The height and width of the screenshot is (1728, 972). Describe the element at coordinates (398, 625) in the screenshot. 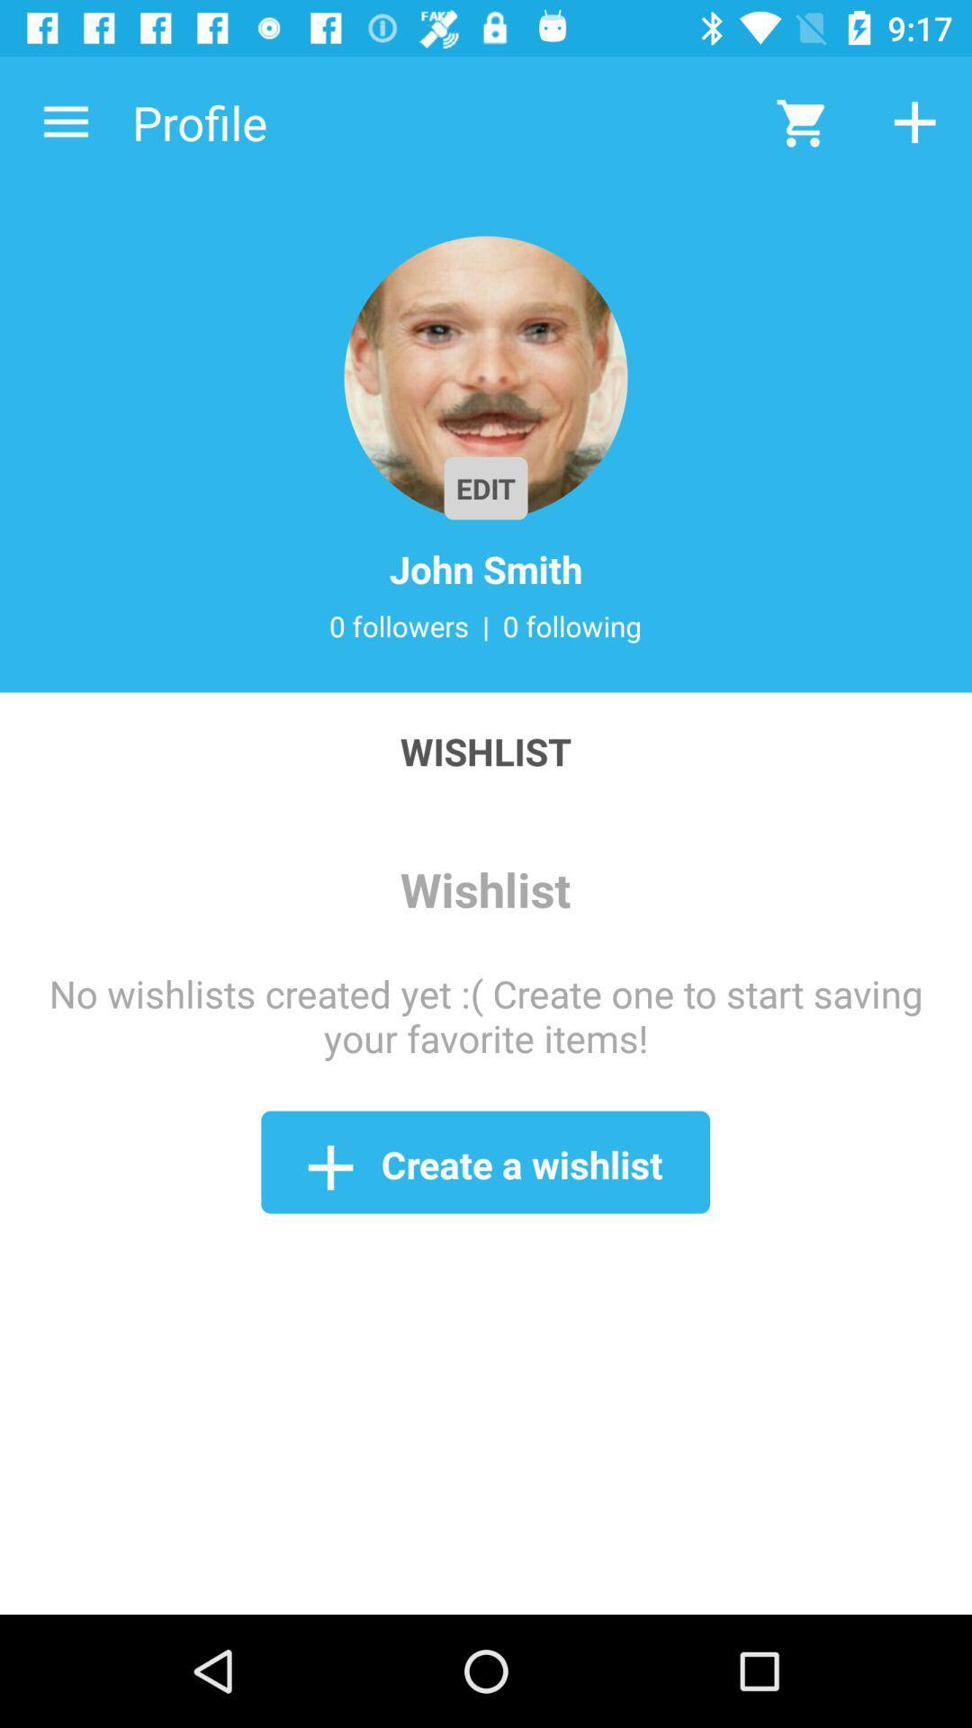

I see `the 0 followers item` at that location.